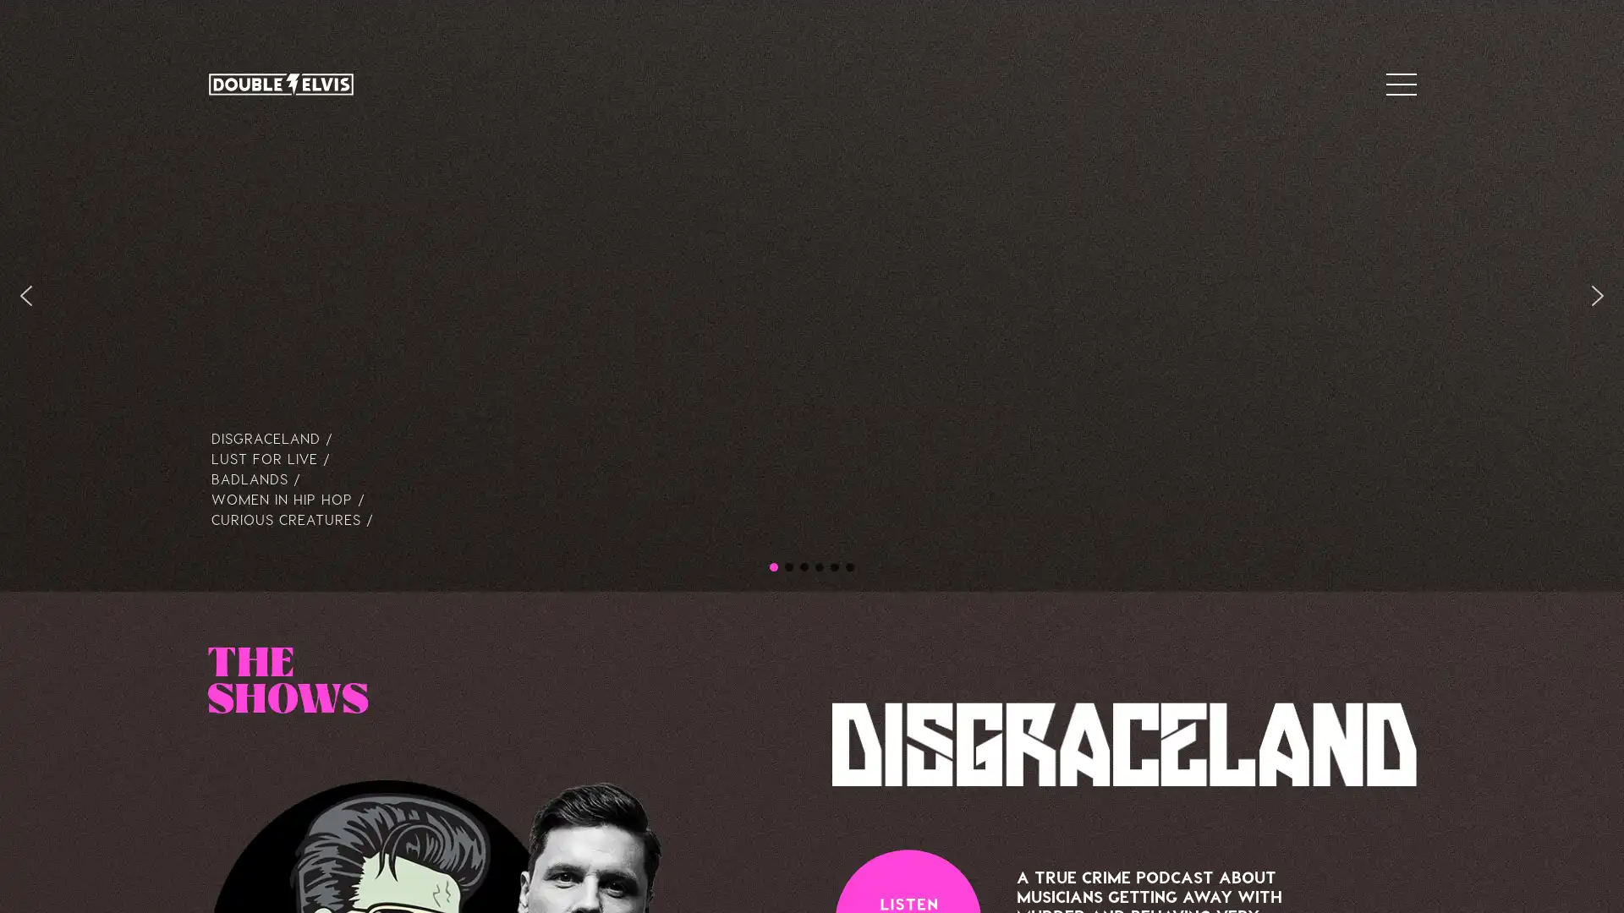 This screenshot has width=1624, height=913. What do you see at coordinates (849, 567) in the screenshot?
I see `CC` at bounding box center [849, 567].